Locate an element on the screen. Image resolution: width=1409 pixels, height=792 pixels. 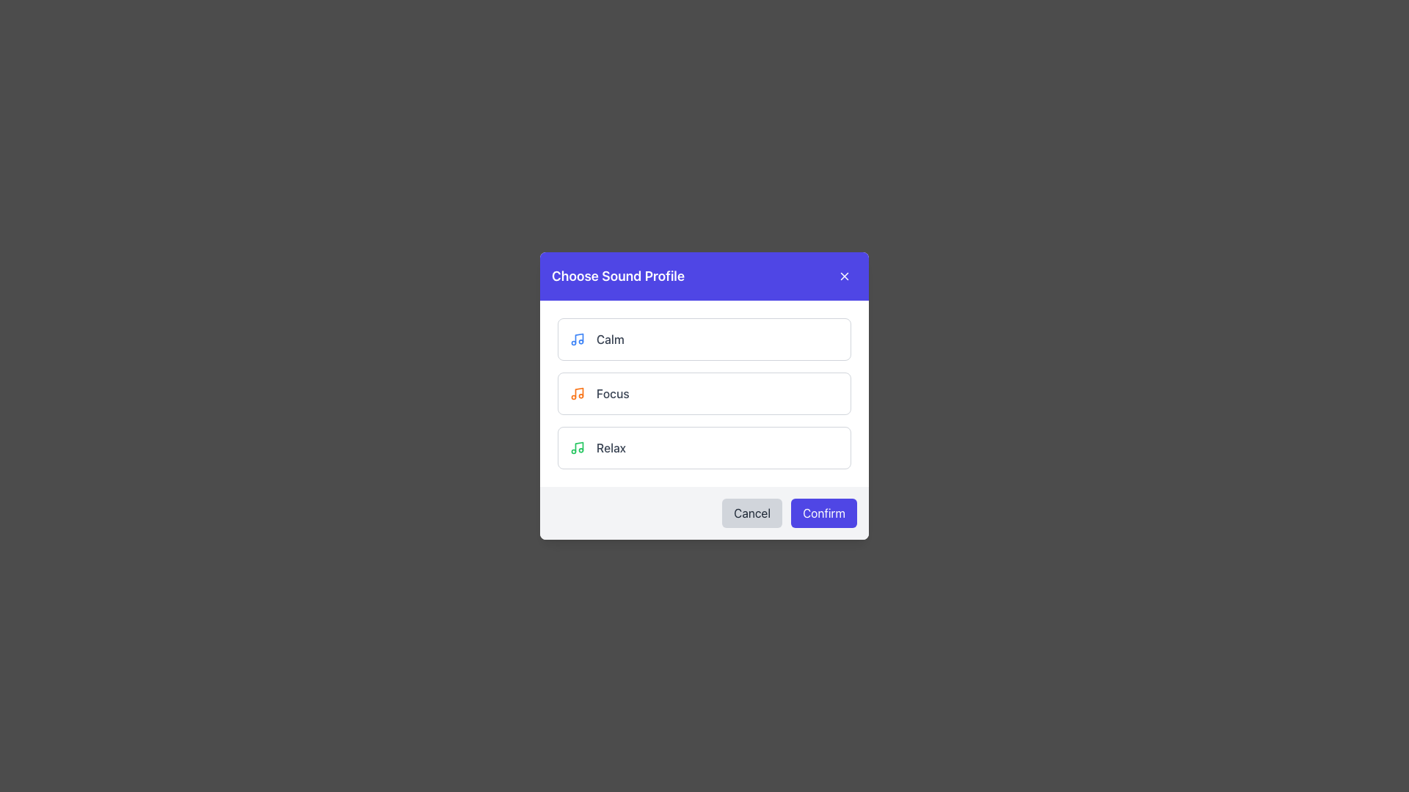
the cancel button located at the bottom-right corner of the dialog is located at coordinates (752, 512).